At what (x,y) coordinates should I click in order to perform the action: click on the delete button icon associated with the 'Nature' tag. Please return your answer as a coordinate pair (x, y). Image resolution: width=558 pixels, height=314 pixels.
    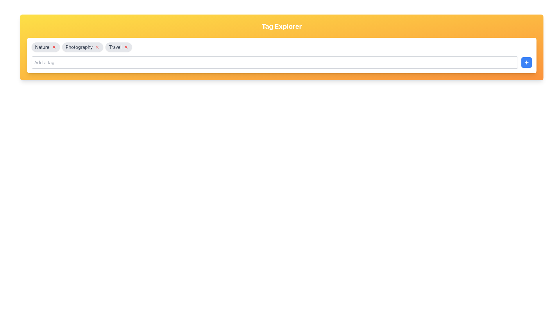
    Looking at the image, I should click on (54, 47).